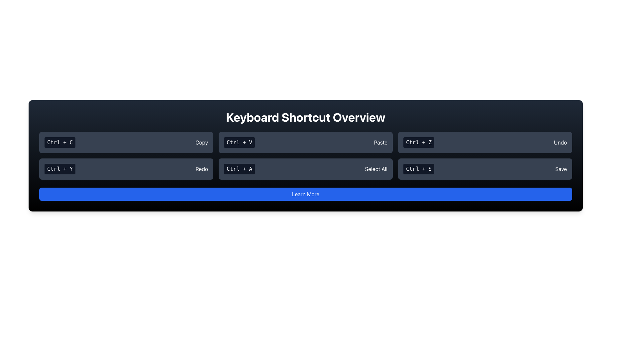  Describe the element at coordinates (201, 142) in the screenshot. I see `the 'Copy' text label, which is displayed in white font on a dark gray background and is located to the right of the 'Ctrl + C' shortcut label` at that location.